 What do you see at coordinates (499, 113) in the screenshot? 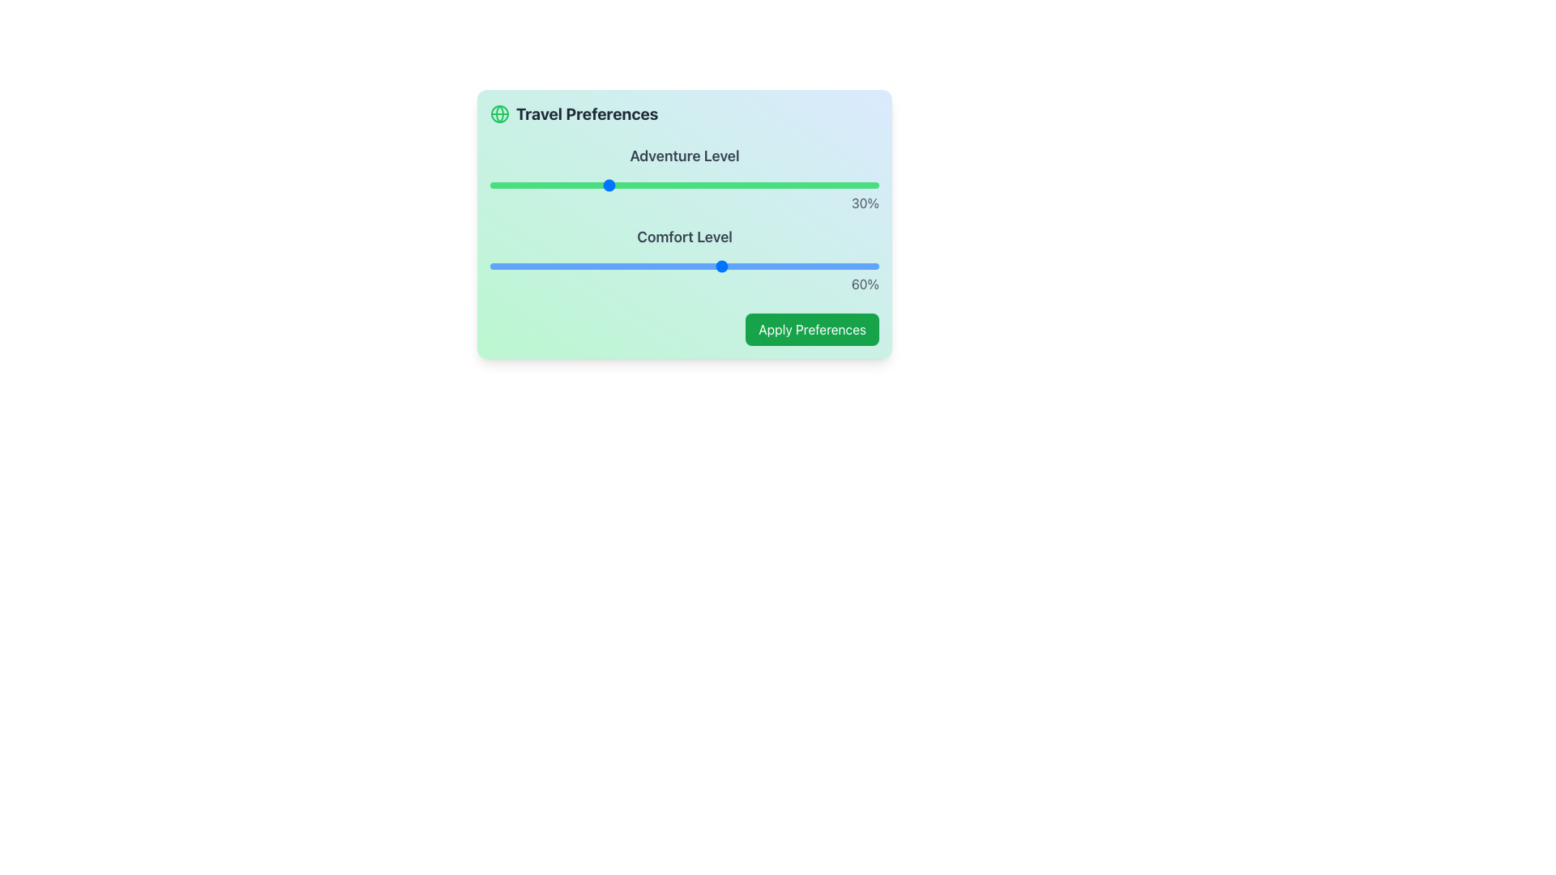
I see `the curving line within the globe icon that enhances the 'Travel Preferences' heading located at the top-left side of the interface card` at bounding box center [499, 113].